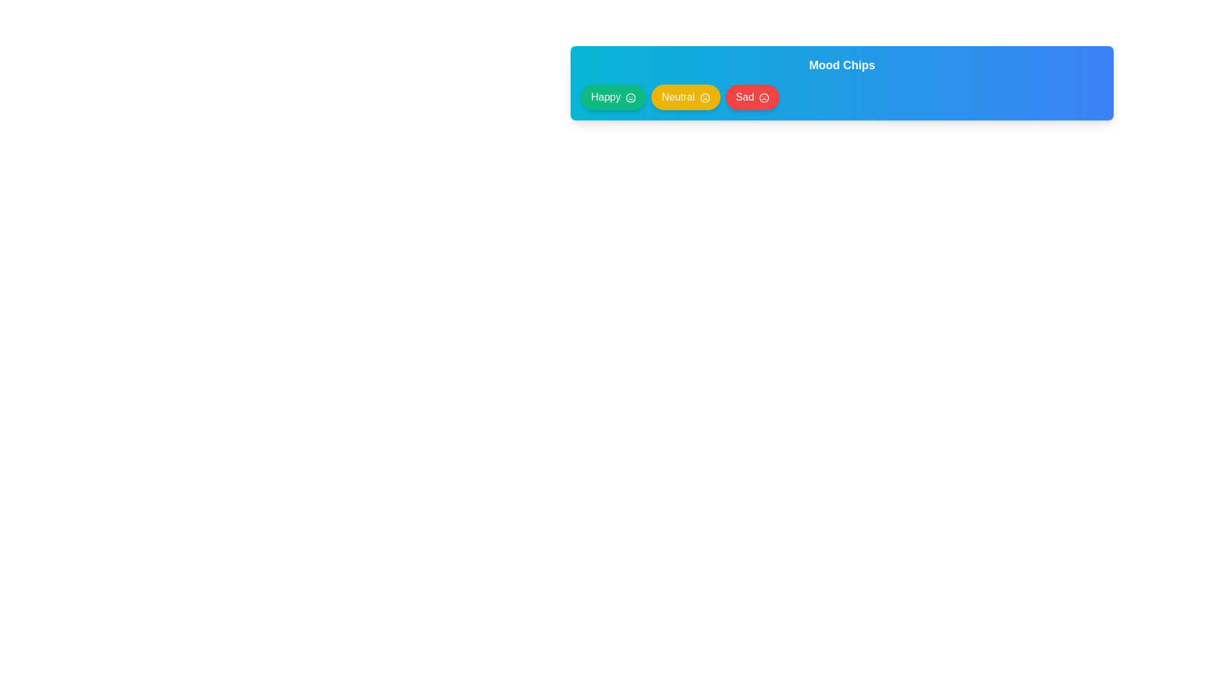  I want to click on the 'Neutral' text node, which indicates a mood state and is centrally positioned within a group of three mood selection buttons, so click(678, 96).